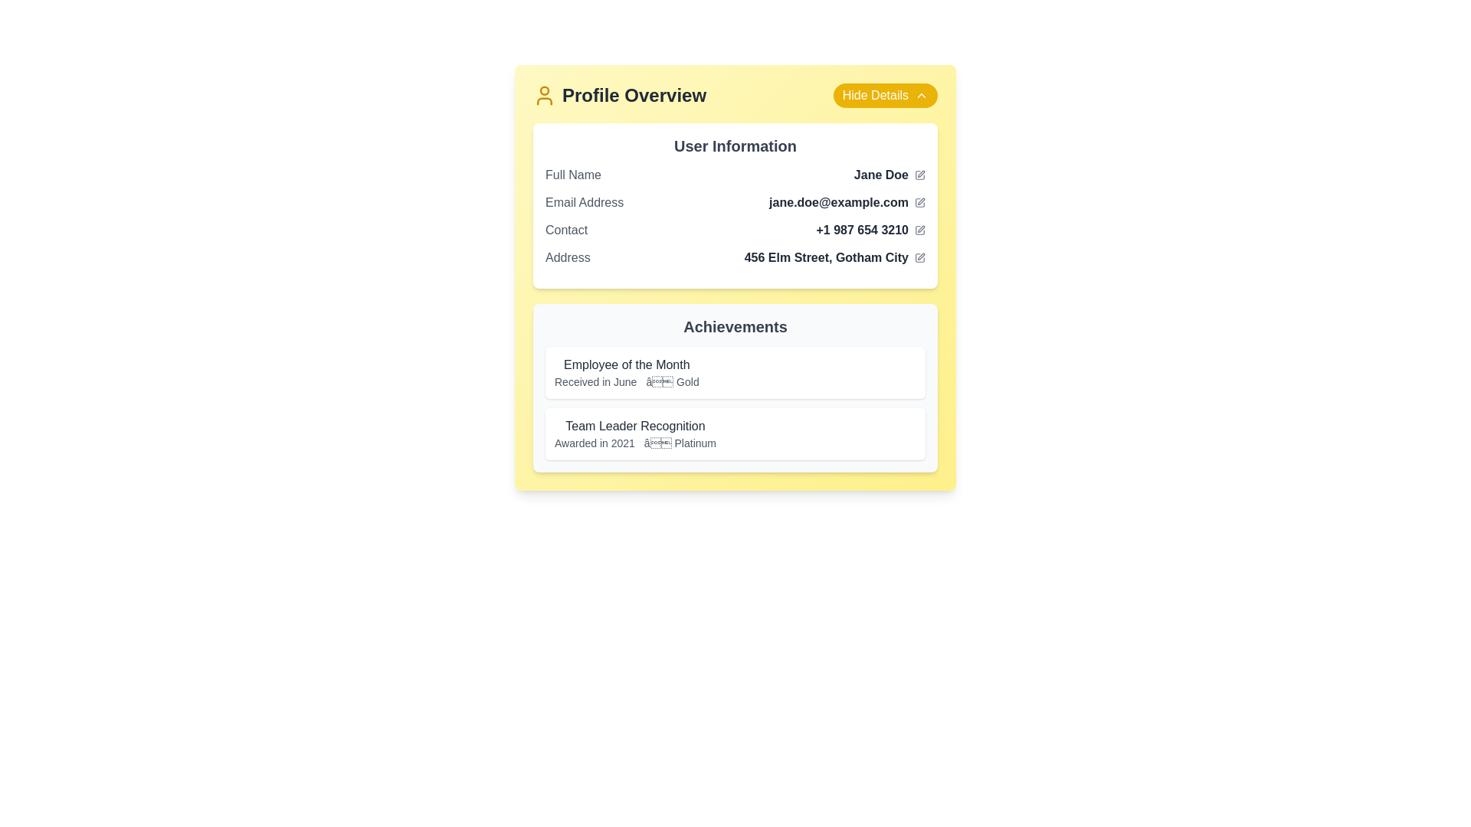 The image size is (1471, 827). What do you see at coordinates (919, 257) in the screenshot?
I see `the icon button shaped like a pen or pencil located to the right of the text '456 Elm Street, Gotham City' in the 'Address' section to initiate editing` at bounding box center [919, 257].